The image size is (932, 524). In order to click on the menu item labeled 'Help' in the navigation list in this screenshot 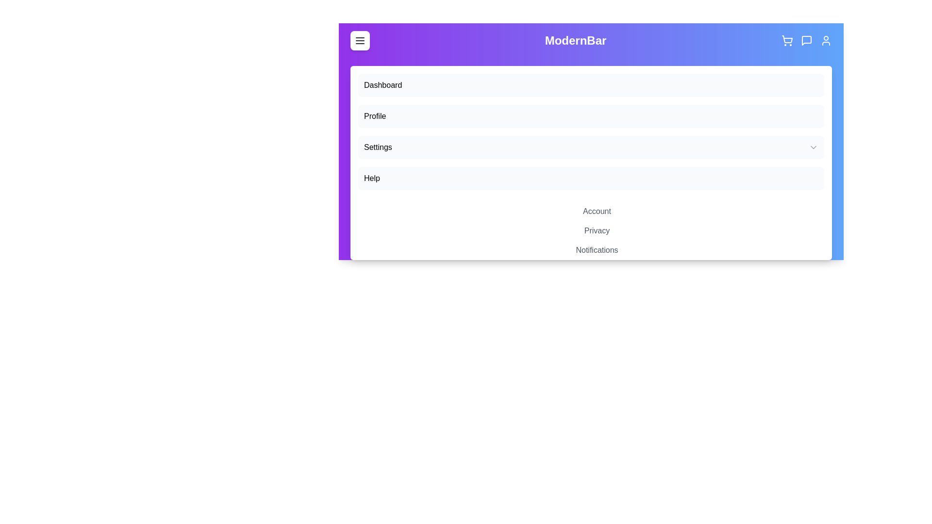, I will do `click(591, 178)`.